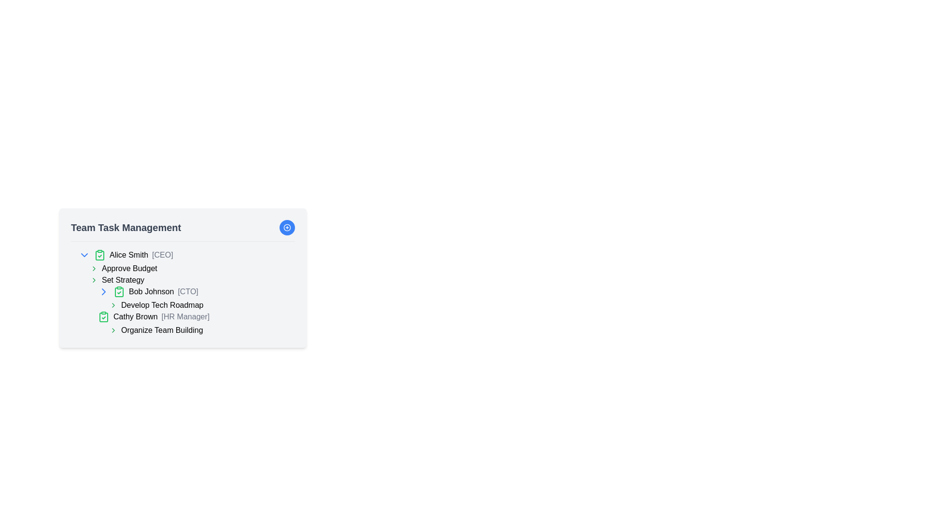 The width and height of the screenshot is (927, 521). I want to click on the chevron icon next to the 'Organize Team Building' text, so click(201, 330).